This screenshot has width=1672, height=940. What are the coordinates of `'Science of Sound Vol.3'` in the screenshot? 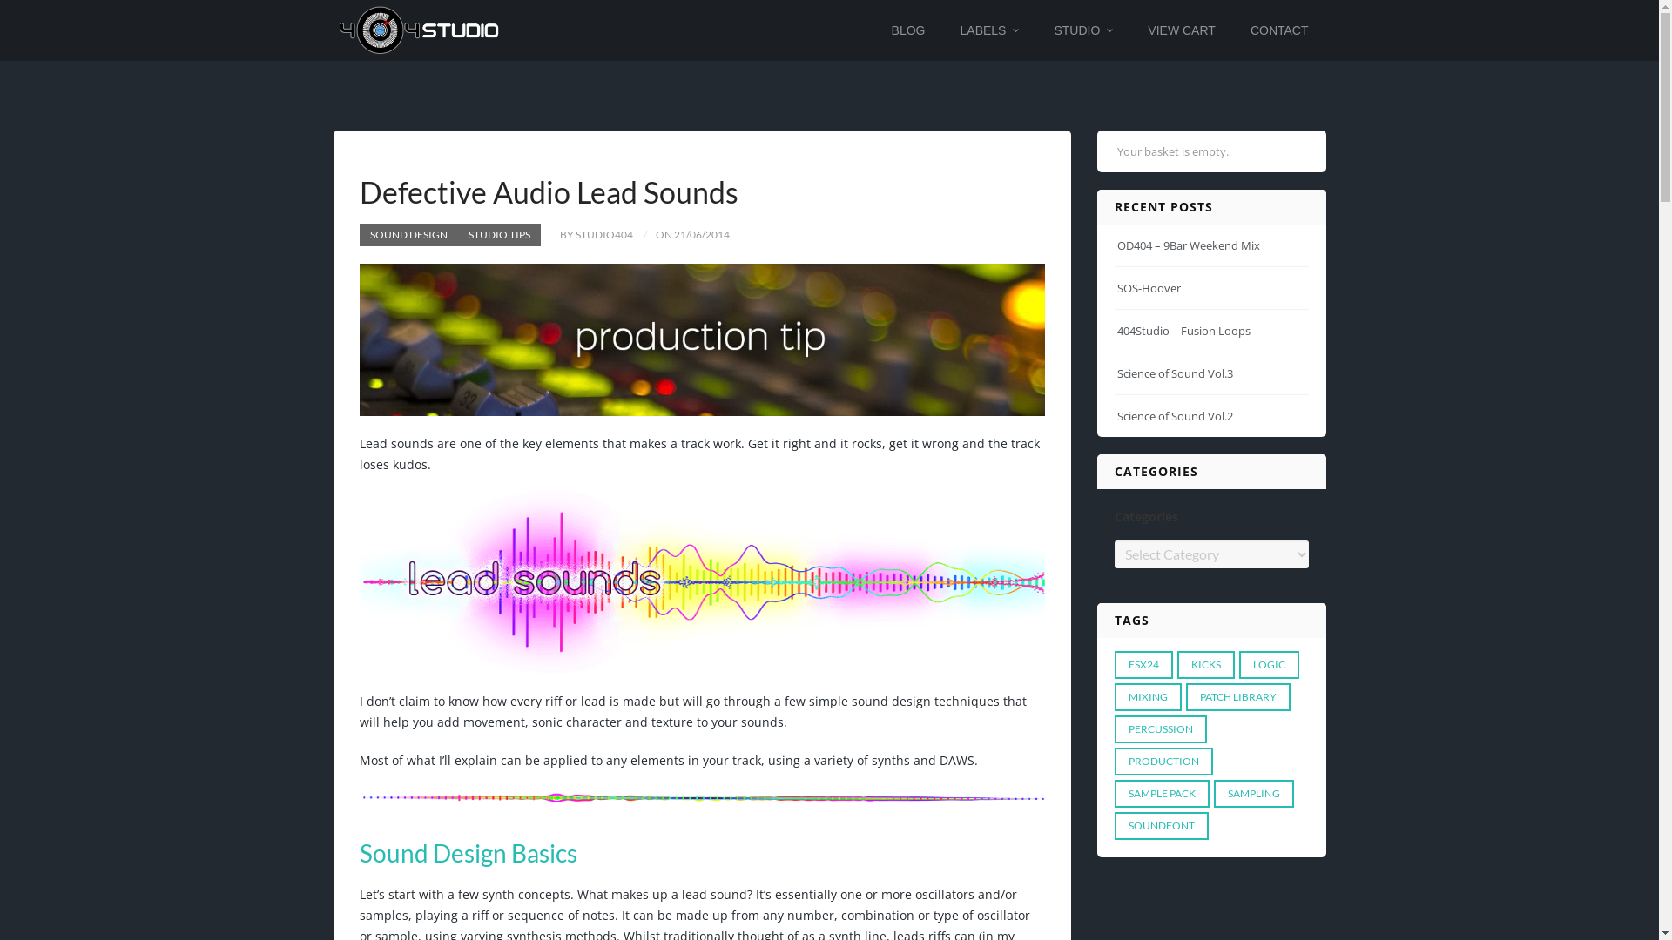 It's located at (1175, 372).